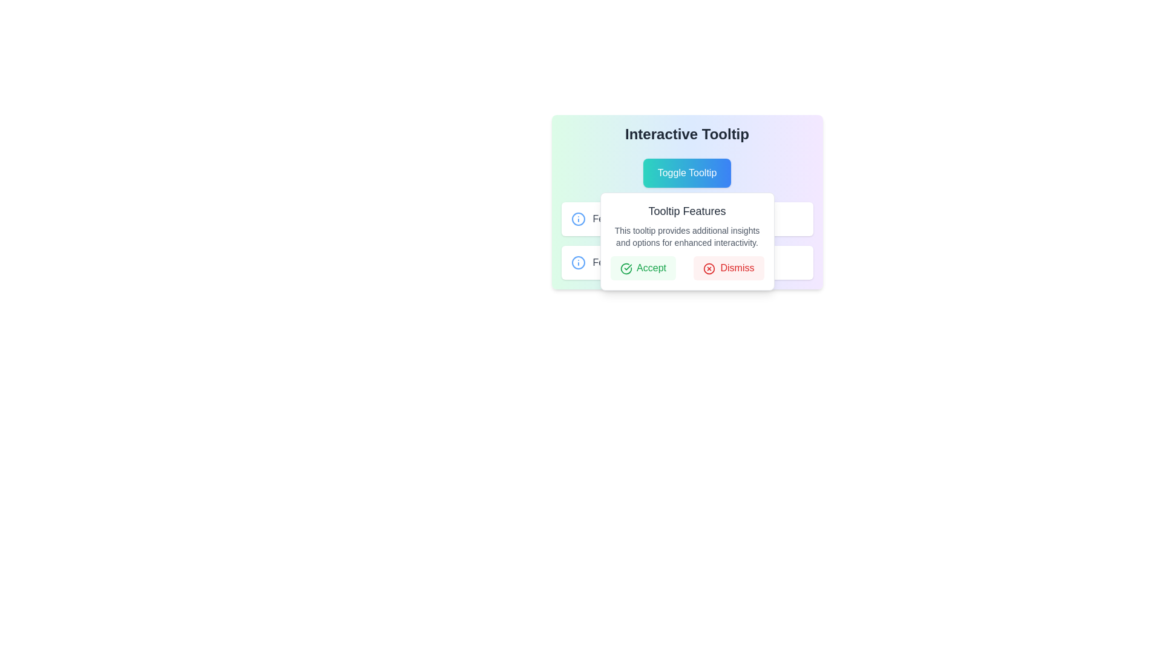  What do you see at coordinates (687, 268) in the screenshot?
I see `the Dismiss button, which is part of a group of buttons labeled 'Accept' and 'Dismiss' within a tooltip titled 'Tooltip Features', to initiate the Dismiss action` at bounding box center [687, 268].